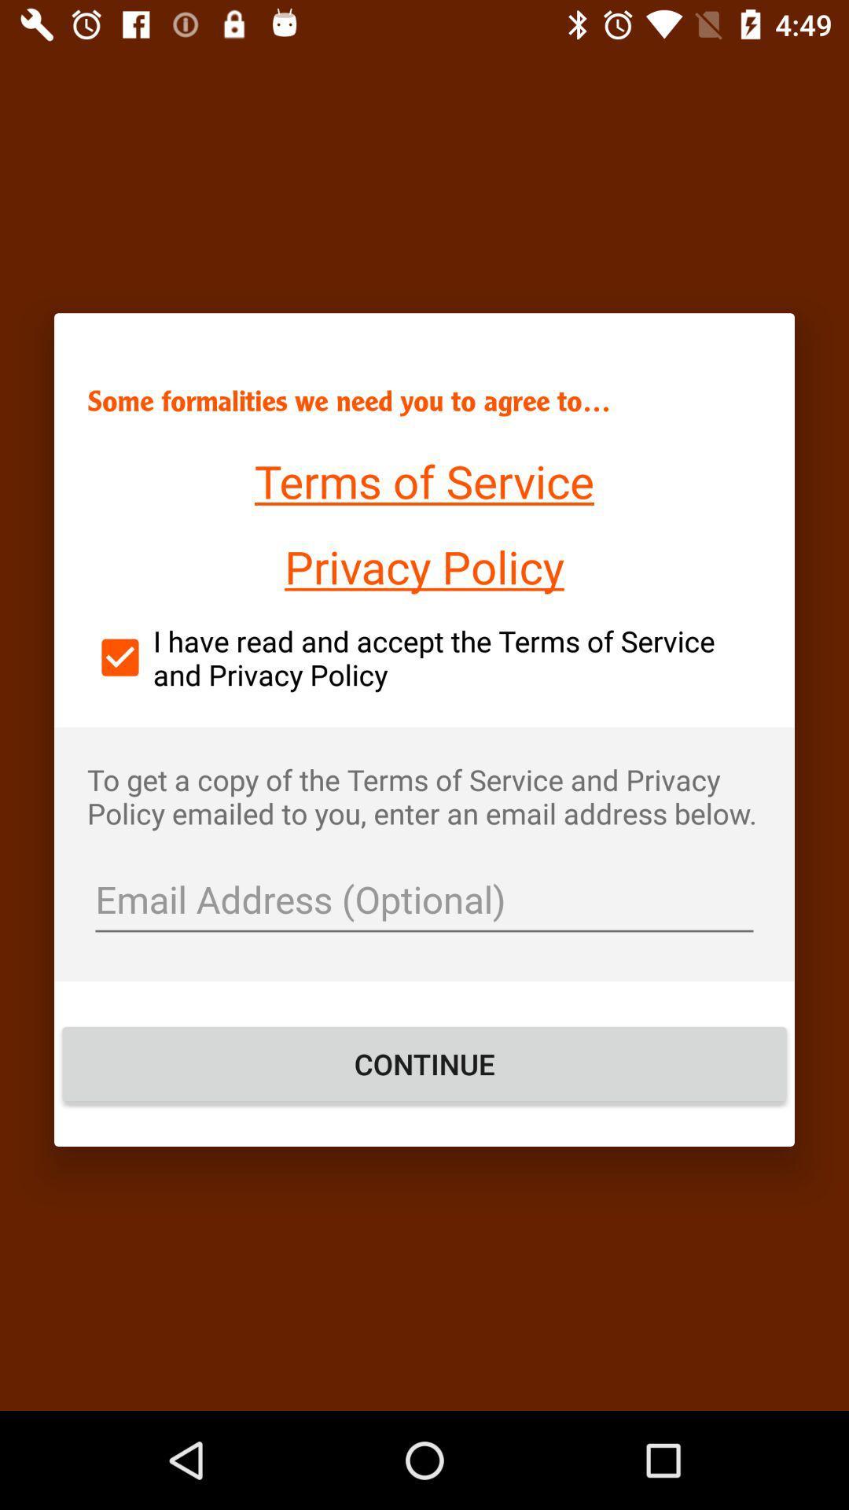 Image resolution: width=849 pixels, height=1510 pixels. I want to click on continue, so click(424, 1064).